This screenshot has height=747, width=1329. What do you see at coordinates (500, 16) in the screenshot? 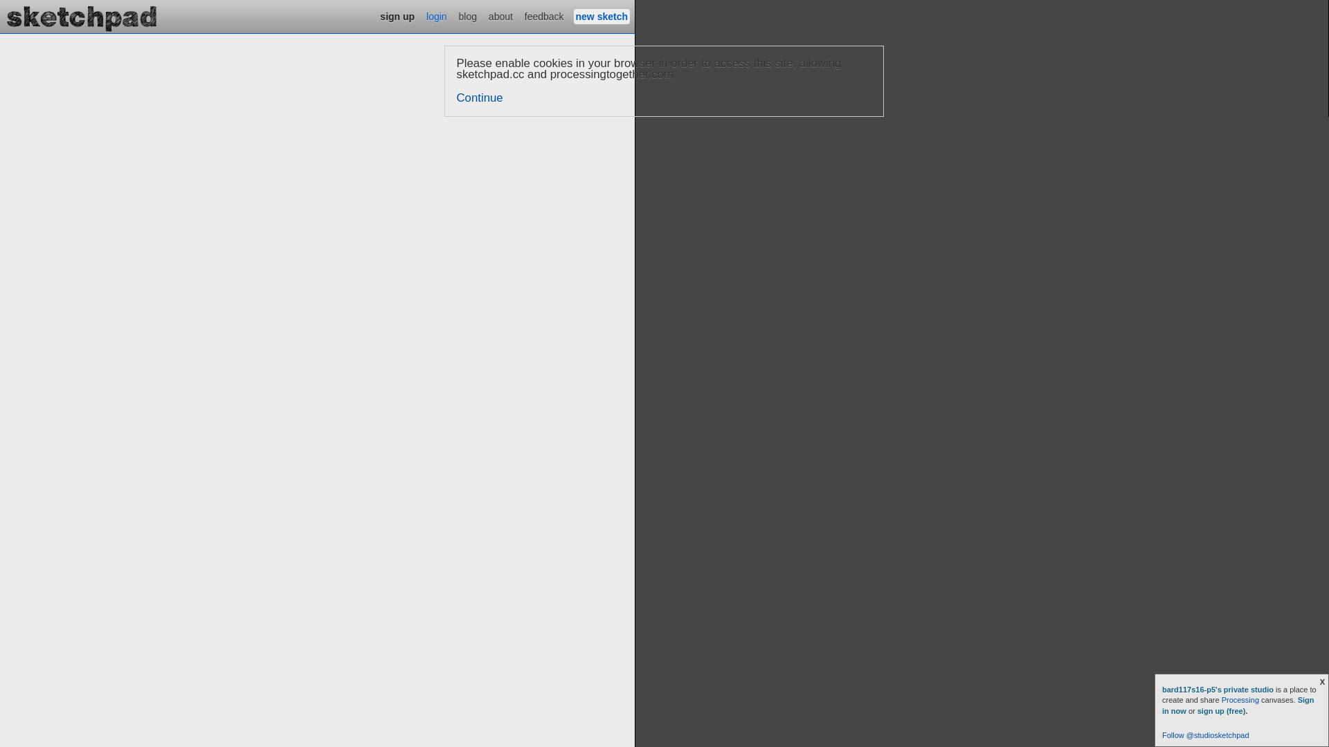
I see `'about'` at bounding box center [500, 16].